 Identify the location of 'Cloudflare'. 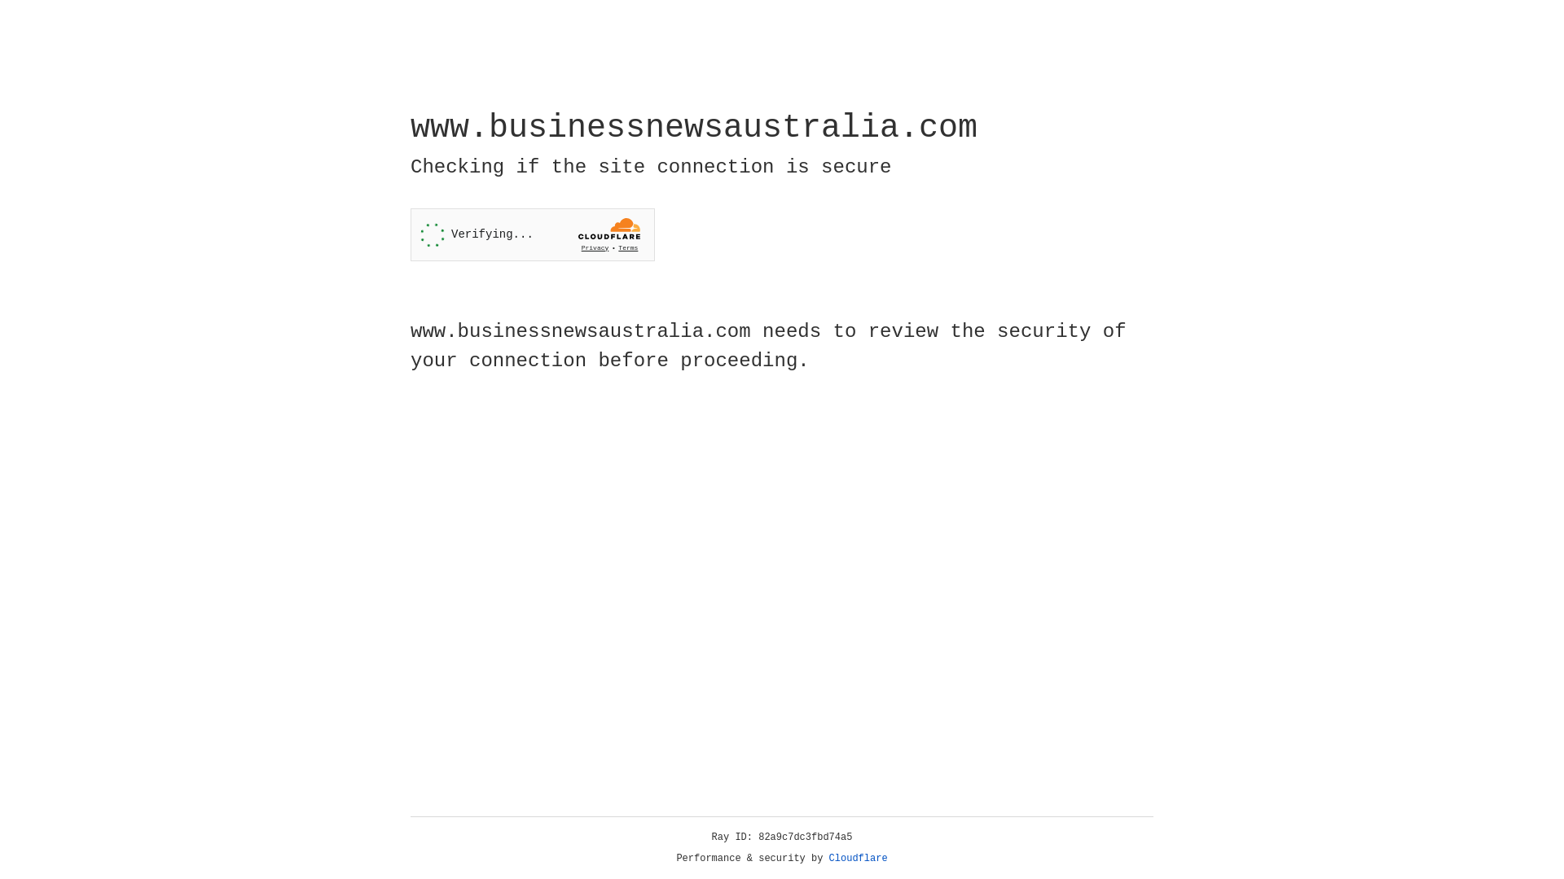
(858, 858).